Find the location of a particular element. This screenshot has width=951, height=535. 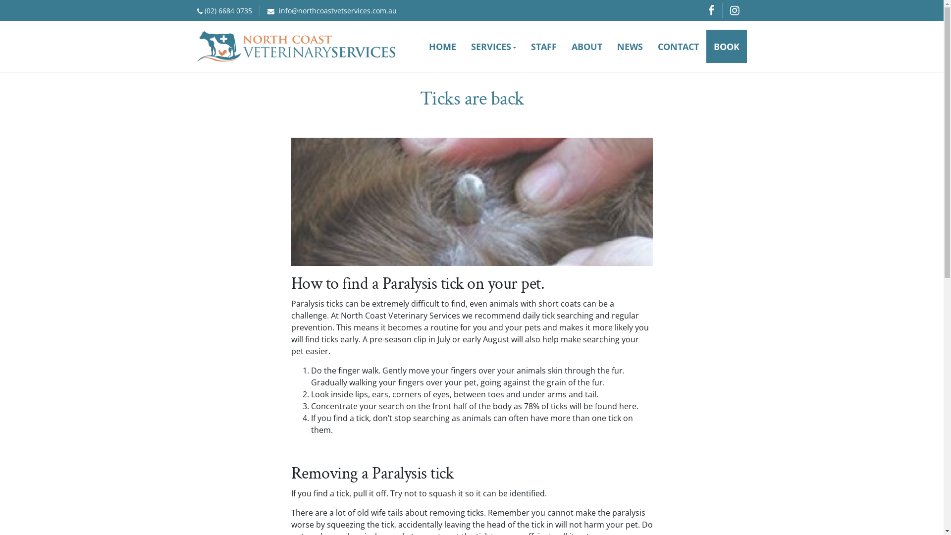

'Facebook' is located at coordinates (715, 10).